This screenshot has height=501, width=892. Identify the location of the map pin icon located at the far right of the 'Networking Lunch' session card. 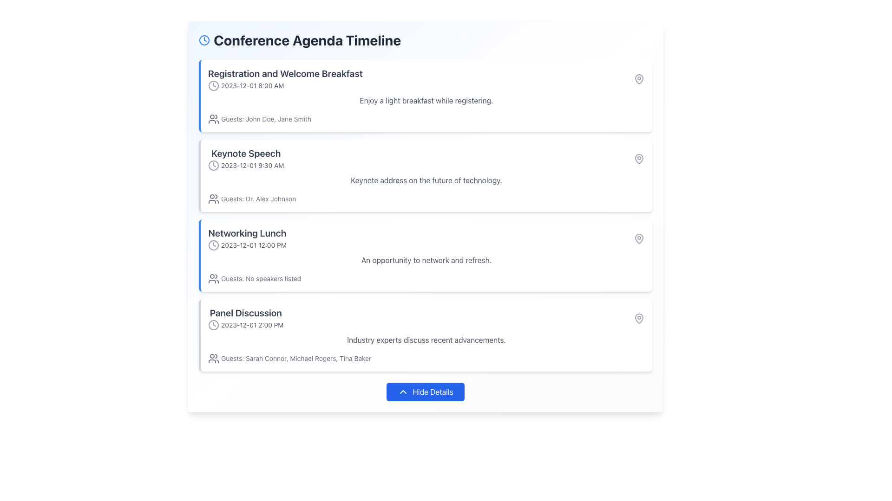
(639, 238).